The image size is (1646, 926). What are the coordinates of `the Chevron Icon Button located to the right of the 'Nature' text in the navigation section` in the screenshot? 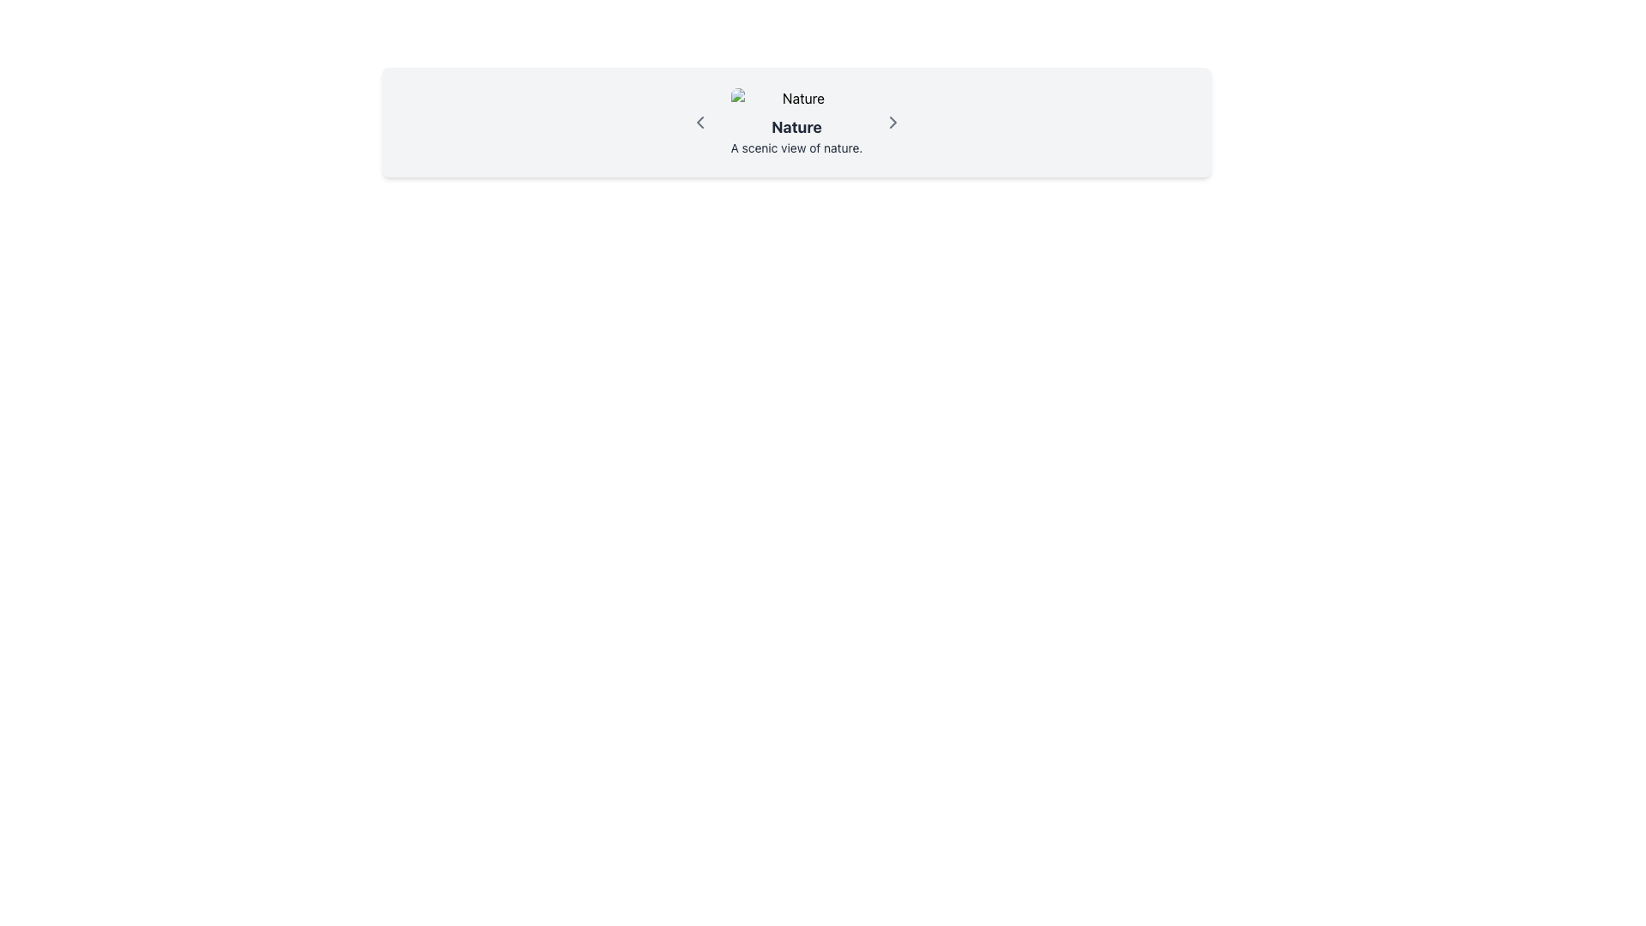 It's located at (892, 121).